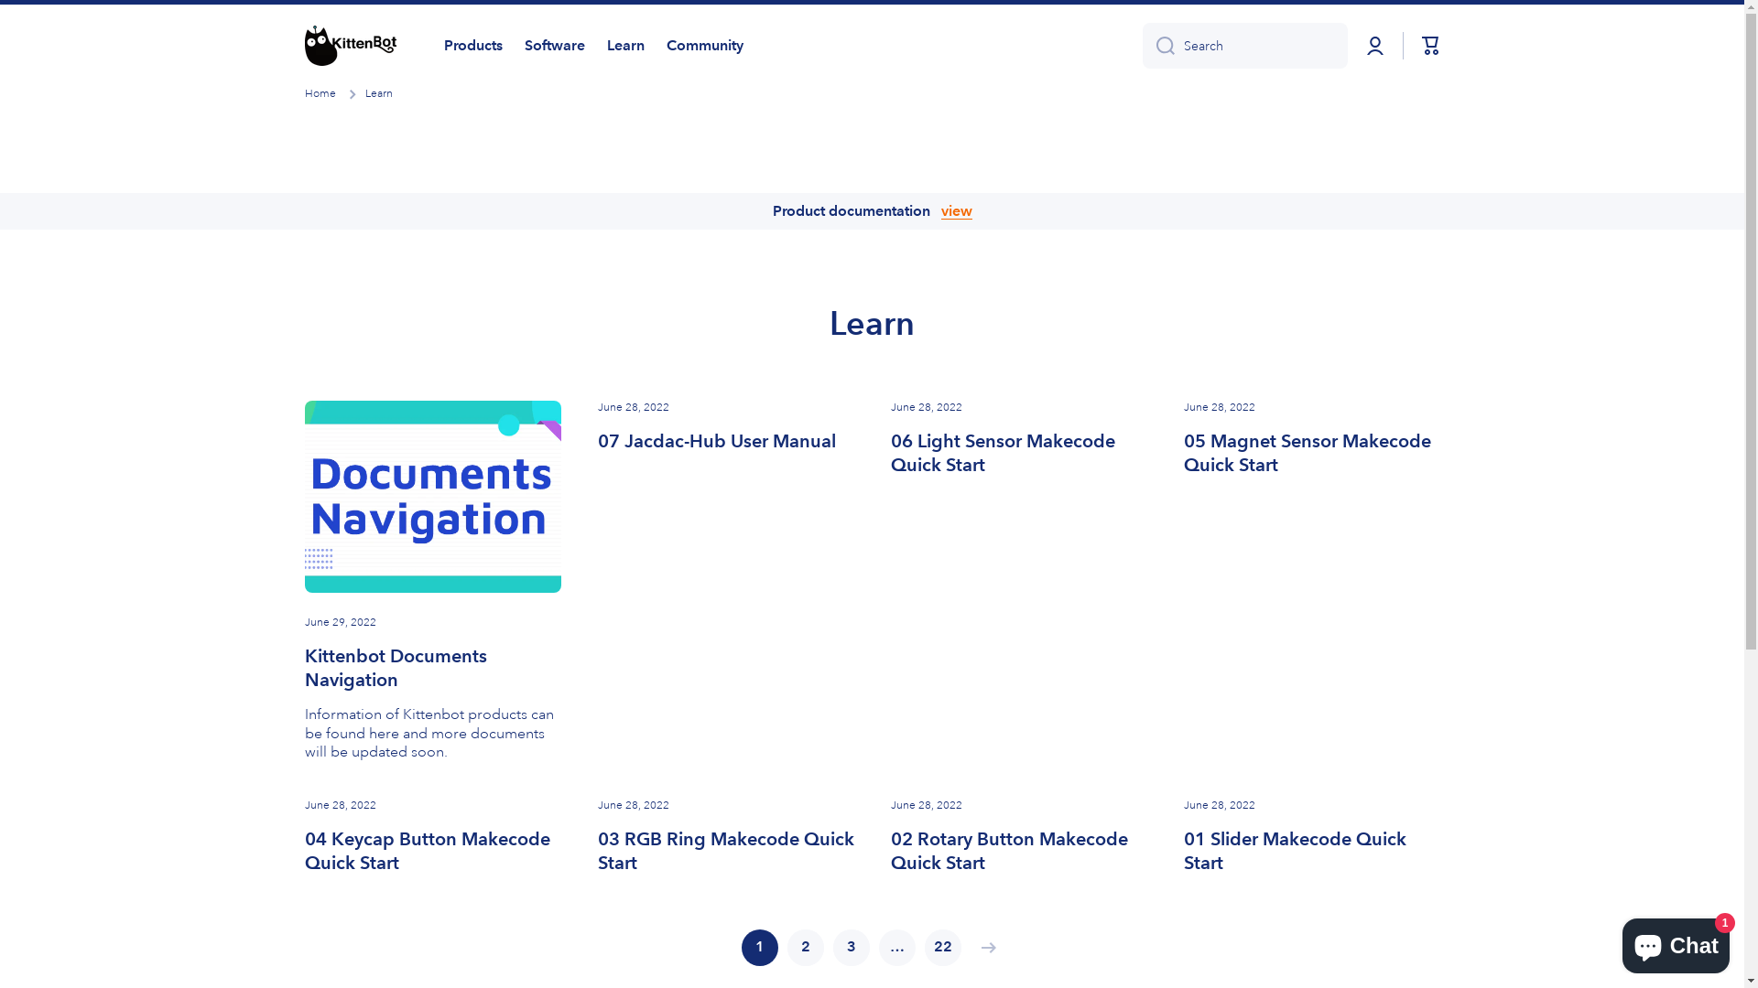 This screenshot has width=1758, height=988. Describe the element at coordinates (1676, 941) in the screenshot. I see `'Shopify online store chat'` at that location.